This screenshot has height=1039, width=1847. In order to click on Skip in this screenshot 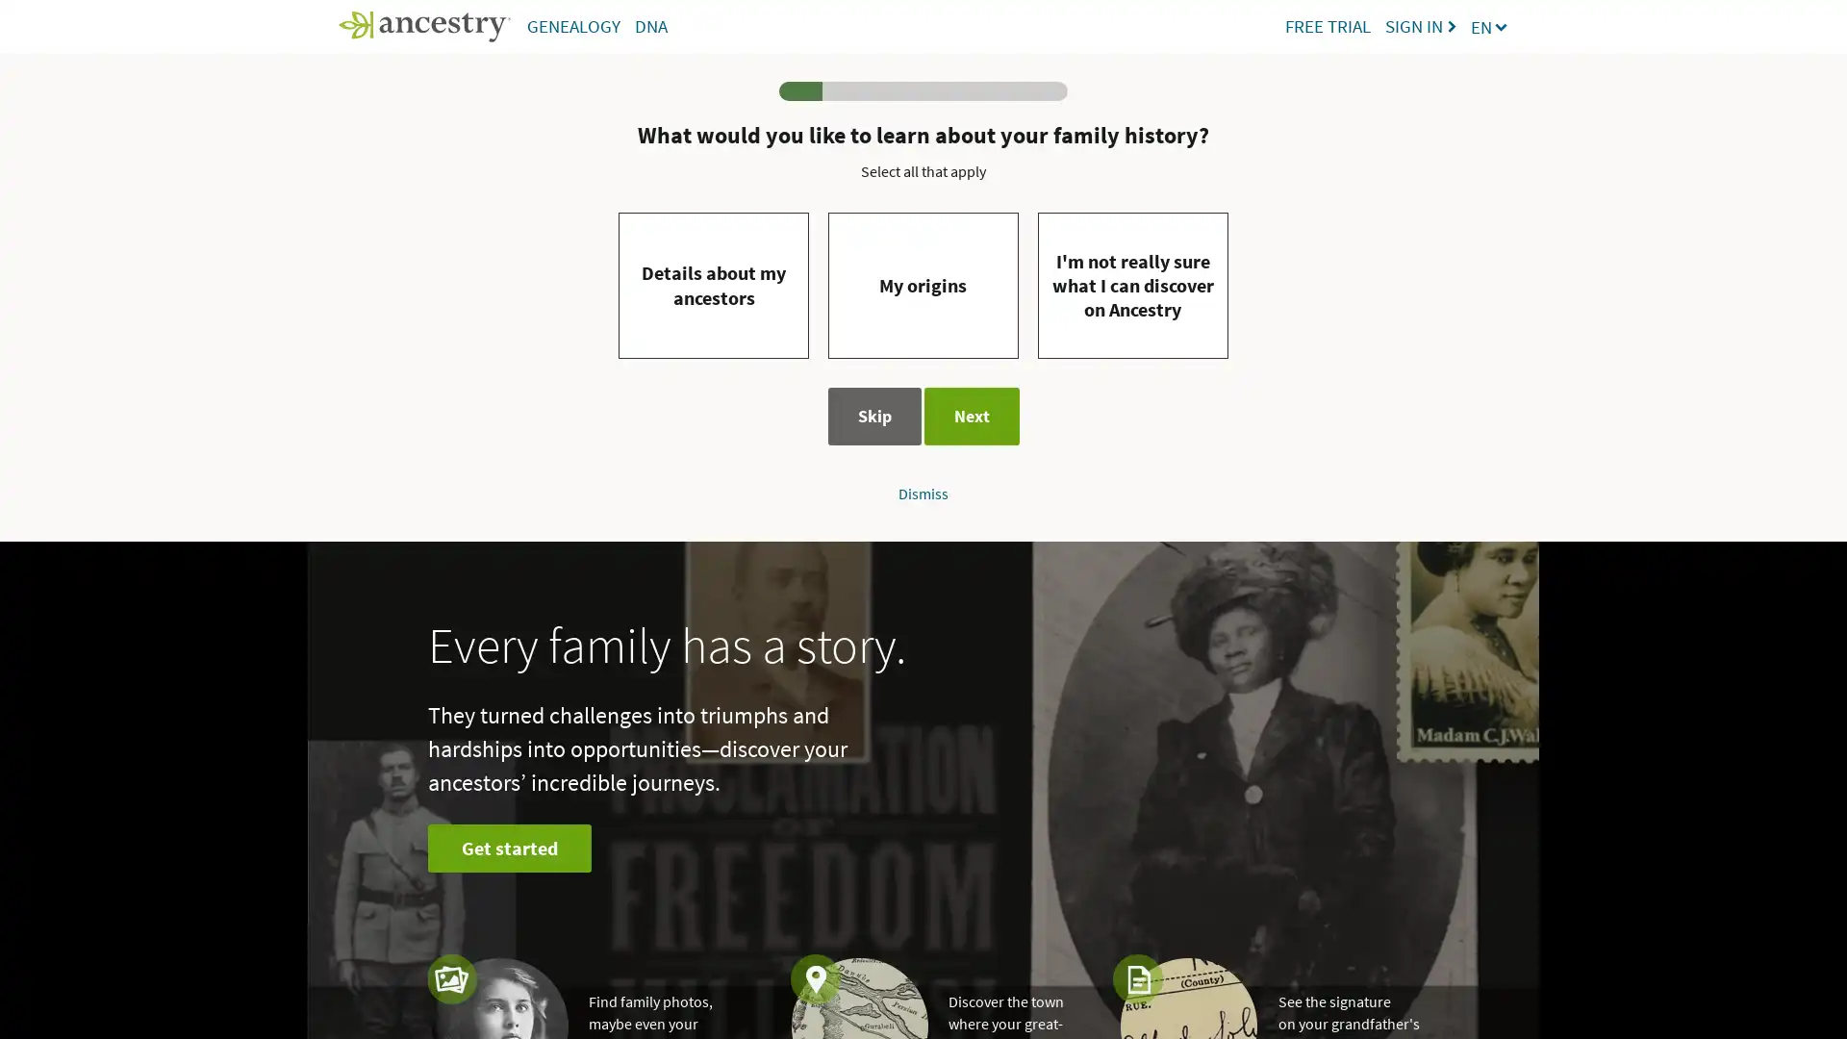, I will do `click(873, 415)`.